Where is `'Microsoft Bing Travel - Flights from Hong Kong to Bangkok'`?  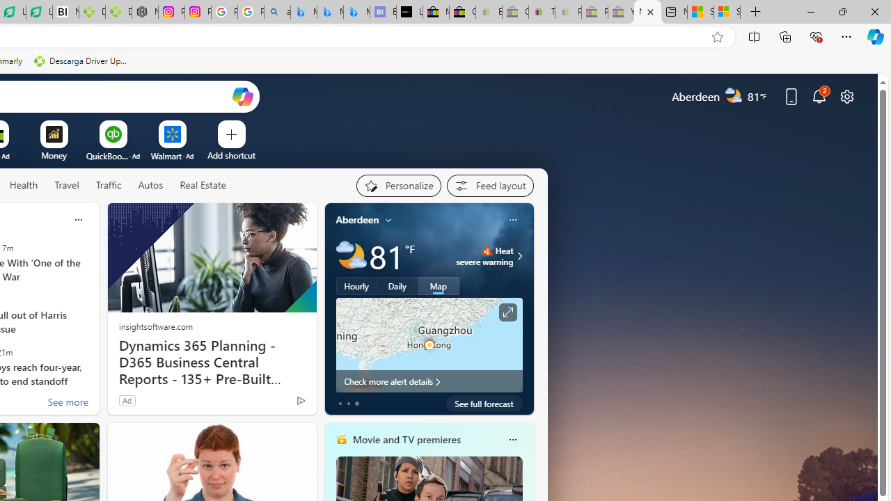 'Microsoft Bing Travel - Flights from Hong Kong to Bangkok' is located at coordinates (303, 12).